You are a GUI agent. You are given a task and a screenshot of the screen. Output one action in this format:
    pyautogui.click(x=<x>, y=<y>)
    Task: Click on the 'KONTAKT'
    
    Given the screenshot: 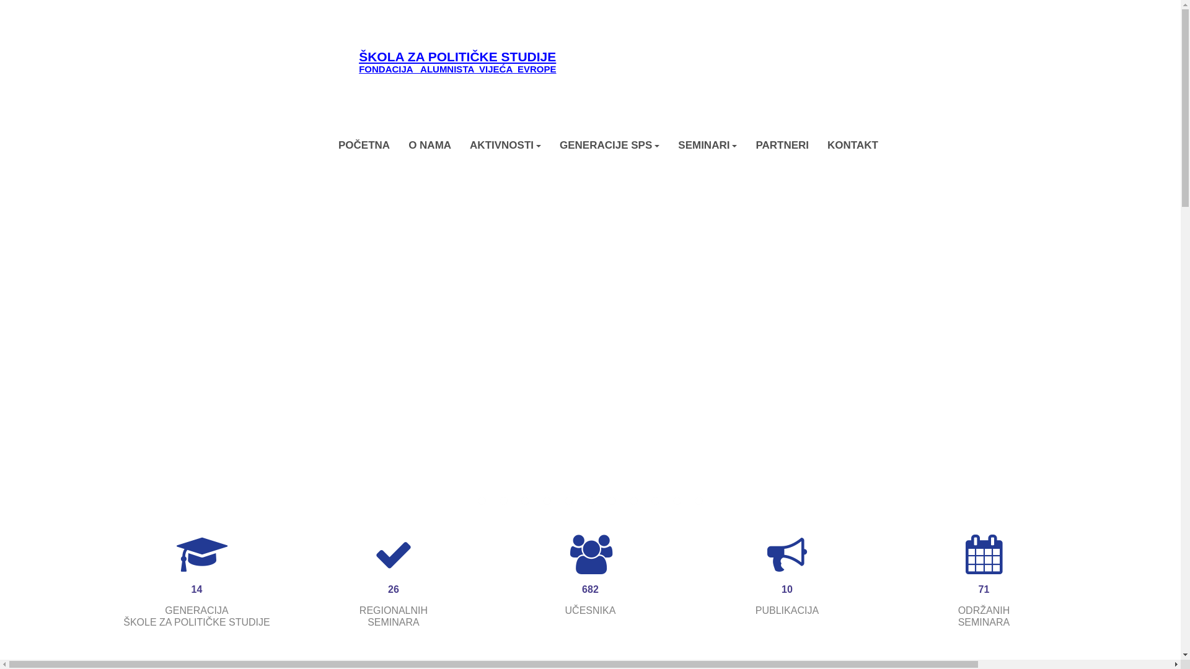 What is the action you would take?
    pyautogui.click(x=852, y=144)
    